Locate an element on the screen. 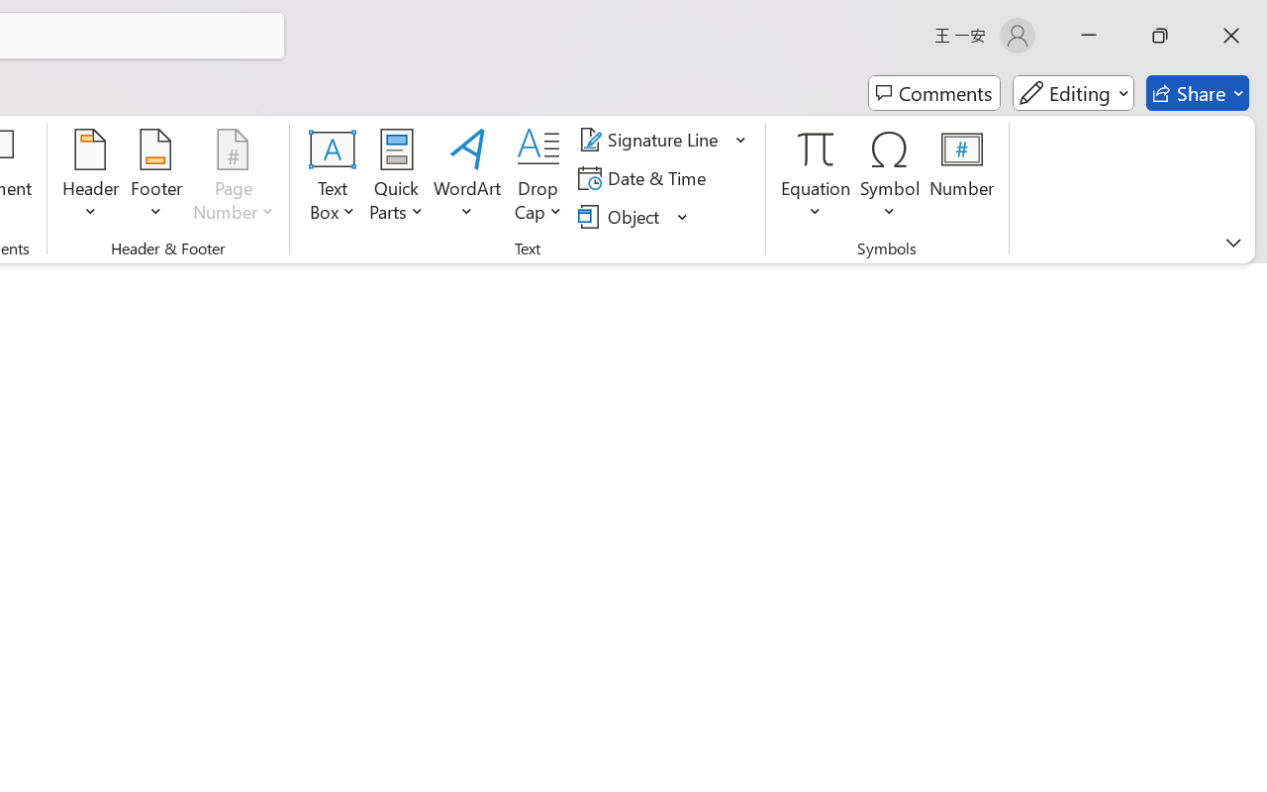 The height and width of the screenshot is (792, 1267). 'Signature Line' is located at coordinates (651, 140).